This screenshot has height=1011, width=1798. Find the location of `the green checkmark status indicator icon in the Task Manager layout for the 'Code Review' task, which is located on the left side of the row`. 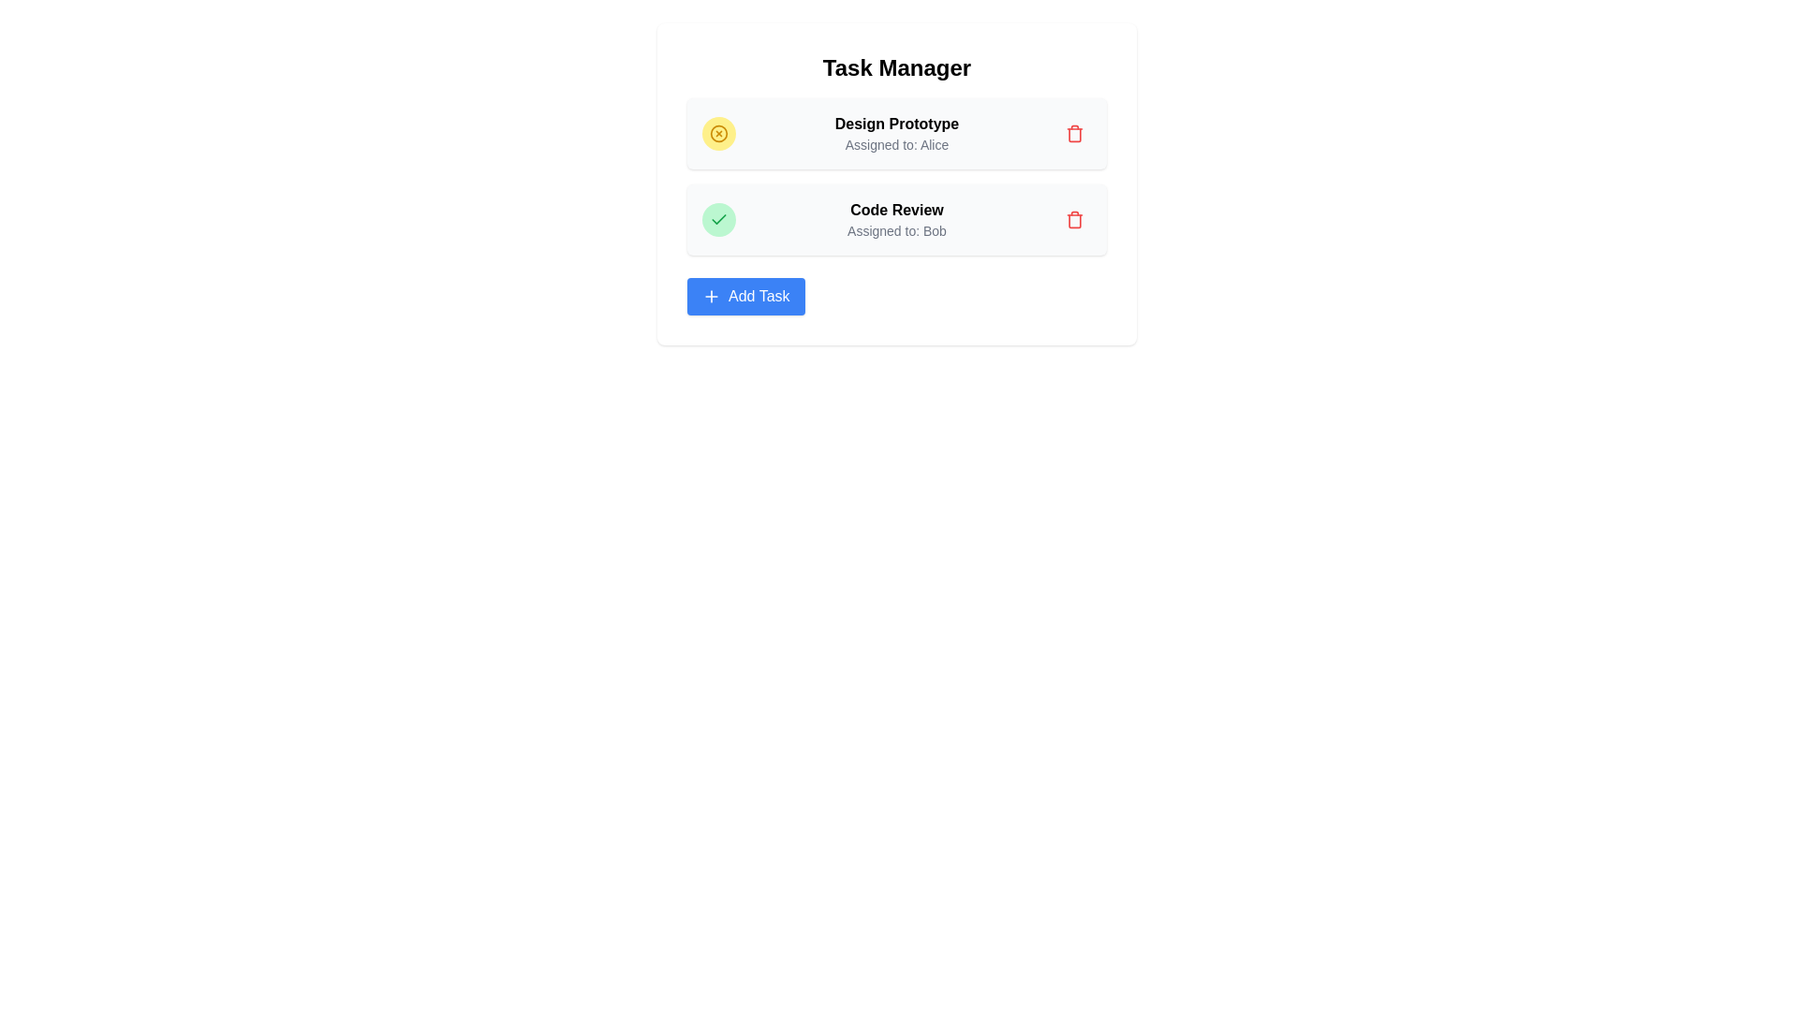

the green checkmark status indicator icon in the Task Manager layout for the 'Code Review' task, which is located on the left side of the row is located at coordinates (718, 219).